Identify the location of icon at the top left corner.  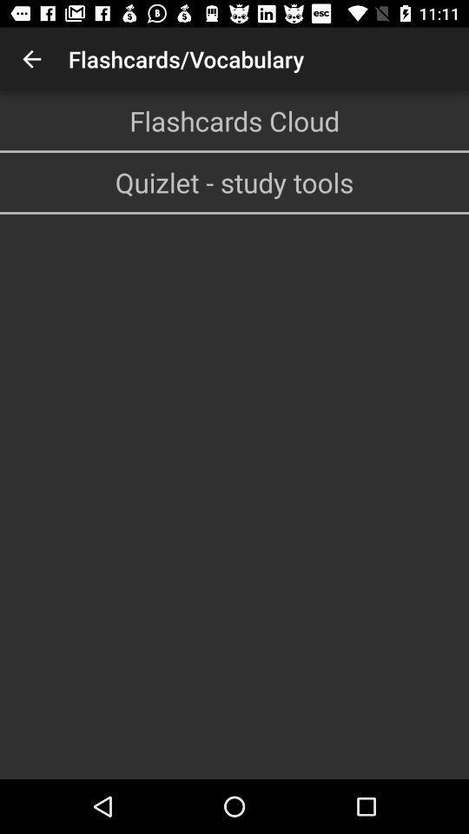
(31, 59).